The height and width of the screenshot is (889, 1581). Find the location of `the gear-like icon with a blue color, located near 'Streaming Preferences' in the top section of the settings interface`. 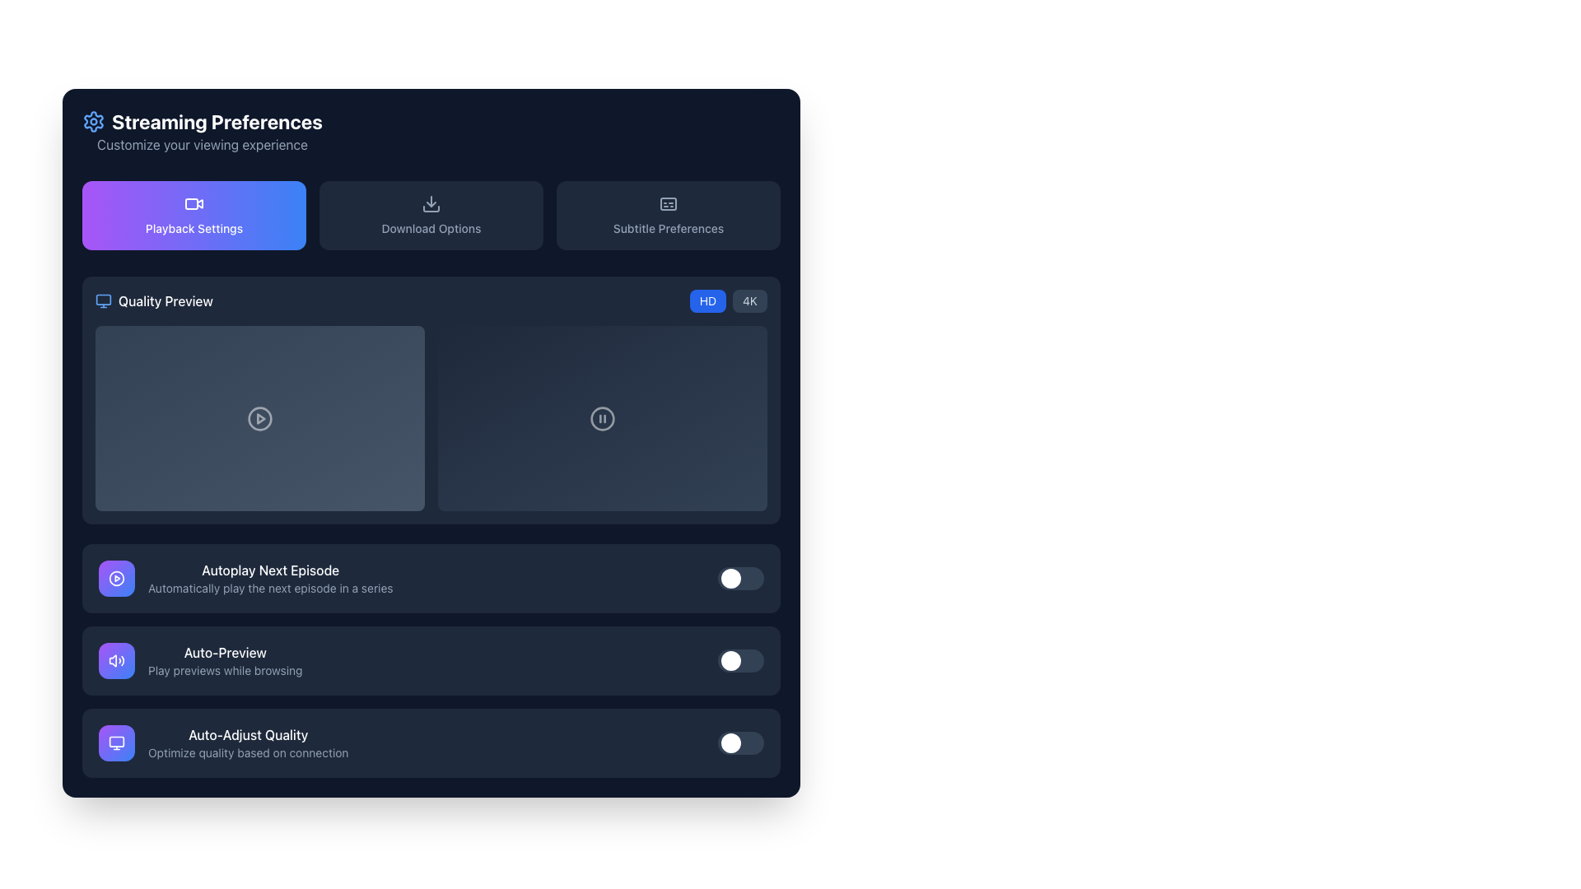

the gear-like icon with a blue color, located near 'Streaming Preferences' in the top section of the settings interface is located at coordinates (93, 120).